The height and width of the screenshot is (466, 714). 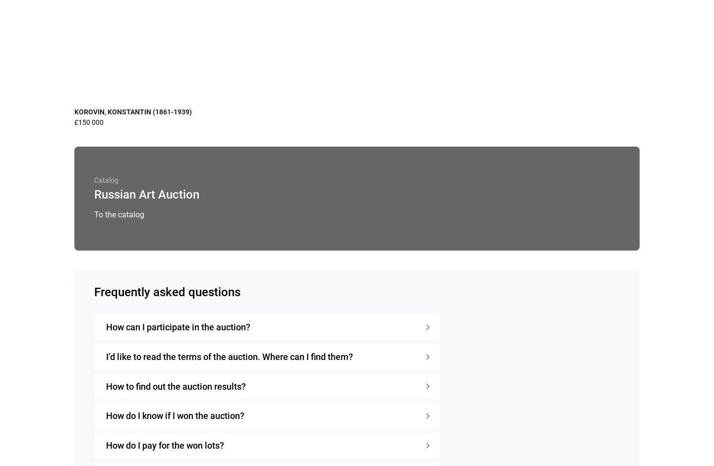 What do you see at coordinates (175, 415) in the screenshot?
I see `'How do I know if I won the auction?'` at bounding box center [175, 415].